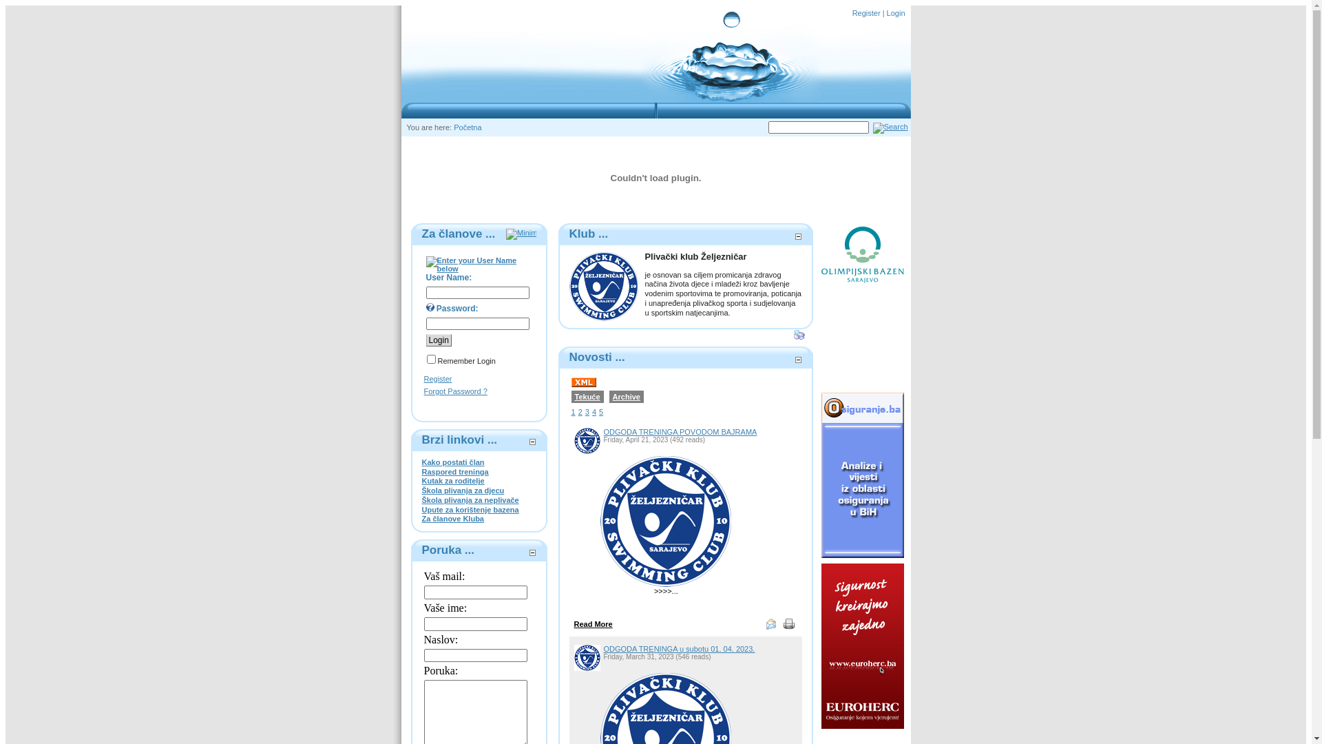 The width and height of the screenshot is (1322, 744). What do you see at coordinates (797, 357) in the screenshot?
I see `'Minimize'` at bounding box center [797, 357].